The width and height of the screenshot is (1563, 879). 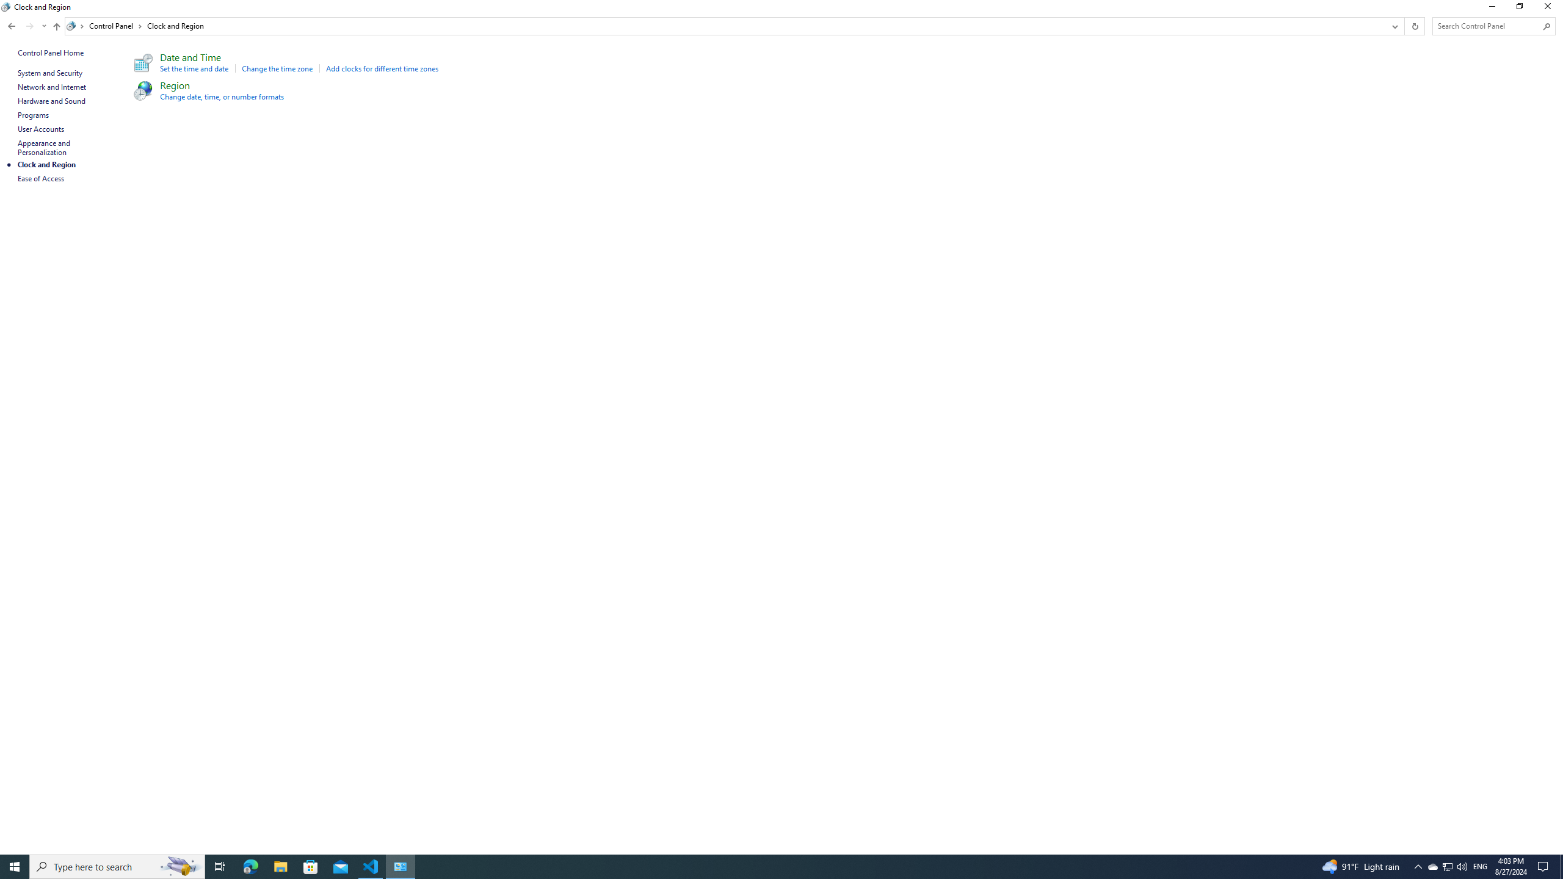 I want to click on 'Network and Internet', so click(x=52, y=86).